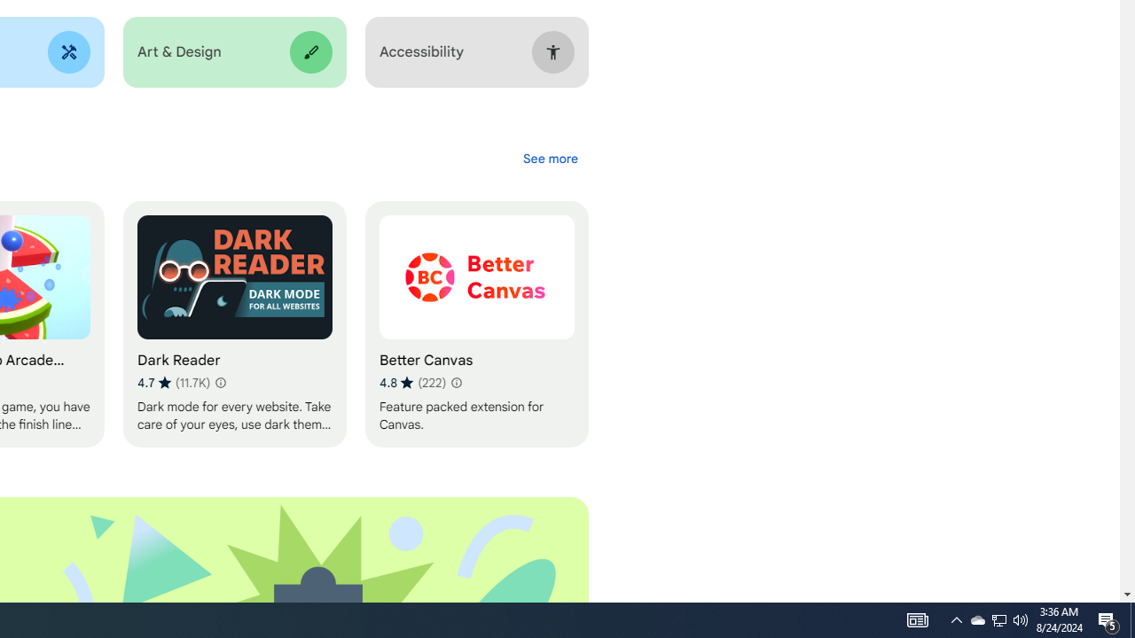 This screenshot has width=1135, height=638. I want to click on 'Dark Reader', so click(233, 324).